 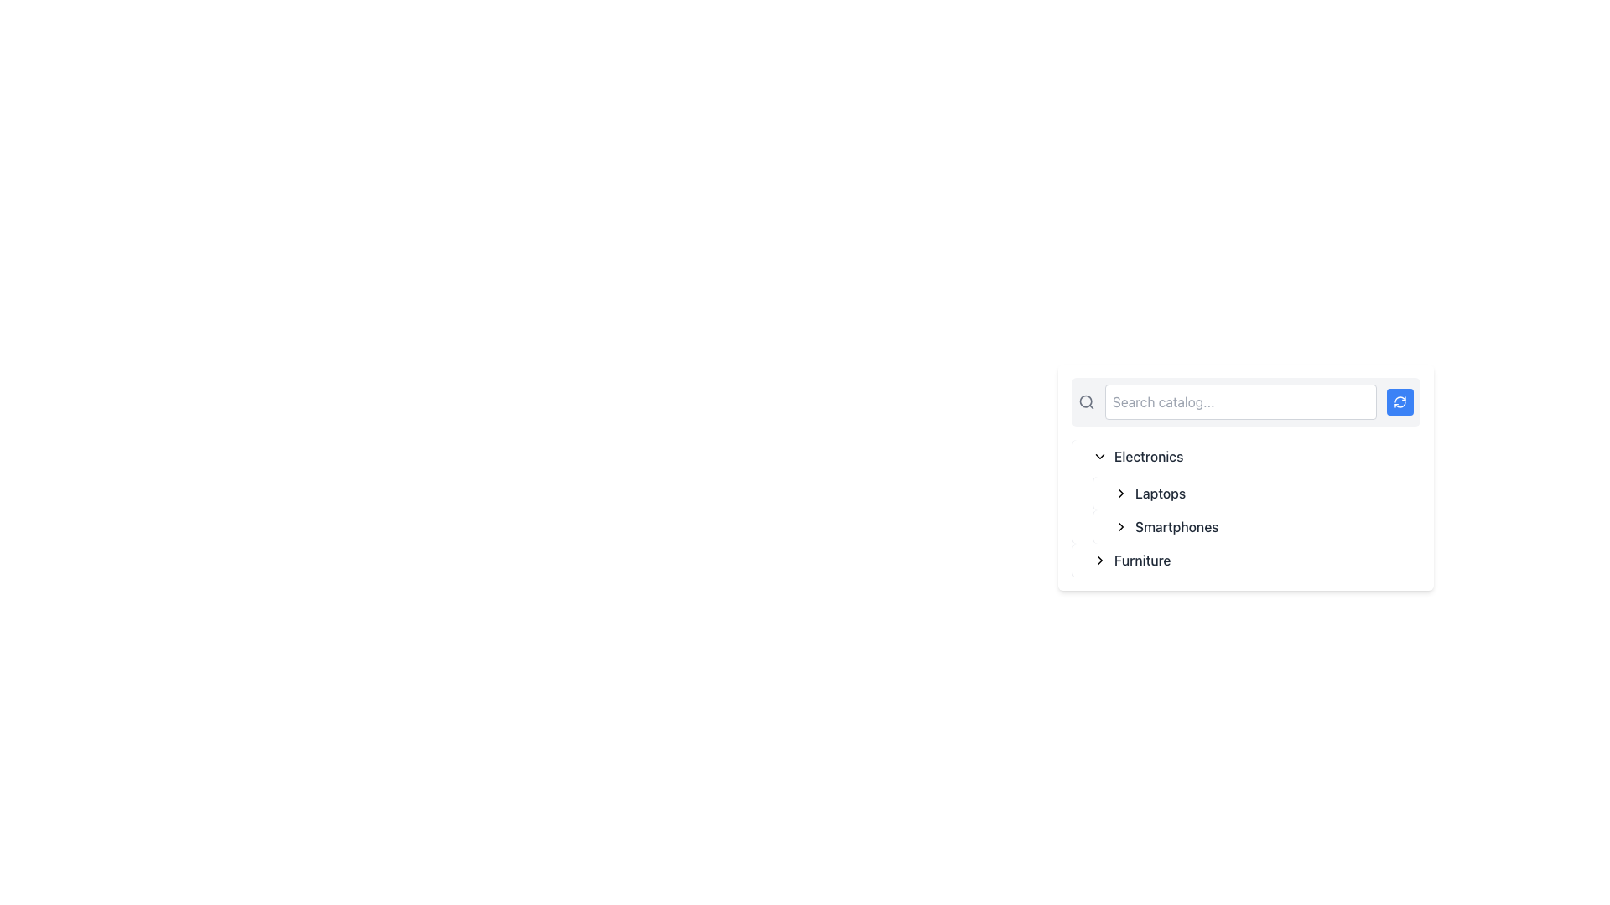 What do you see at coordinates (1148, 456) in the screenshot?
I see `the 'Electronics' text label` at bounding box center [1148, 456].